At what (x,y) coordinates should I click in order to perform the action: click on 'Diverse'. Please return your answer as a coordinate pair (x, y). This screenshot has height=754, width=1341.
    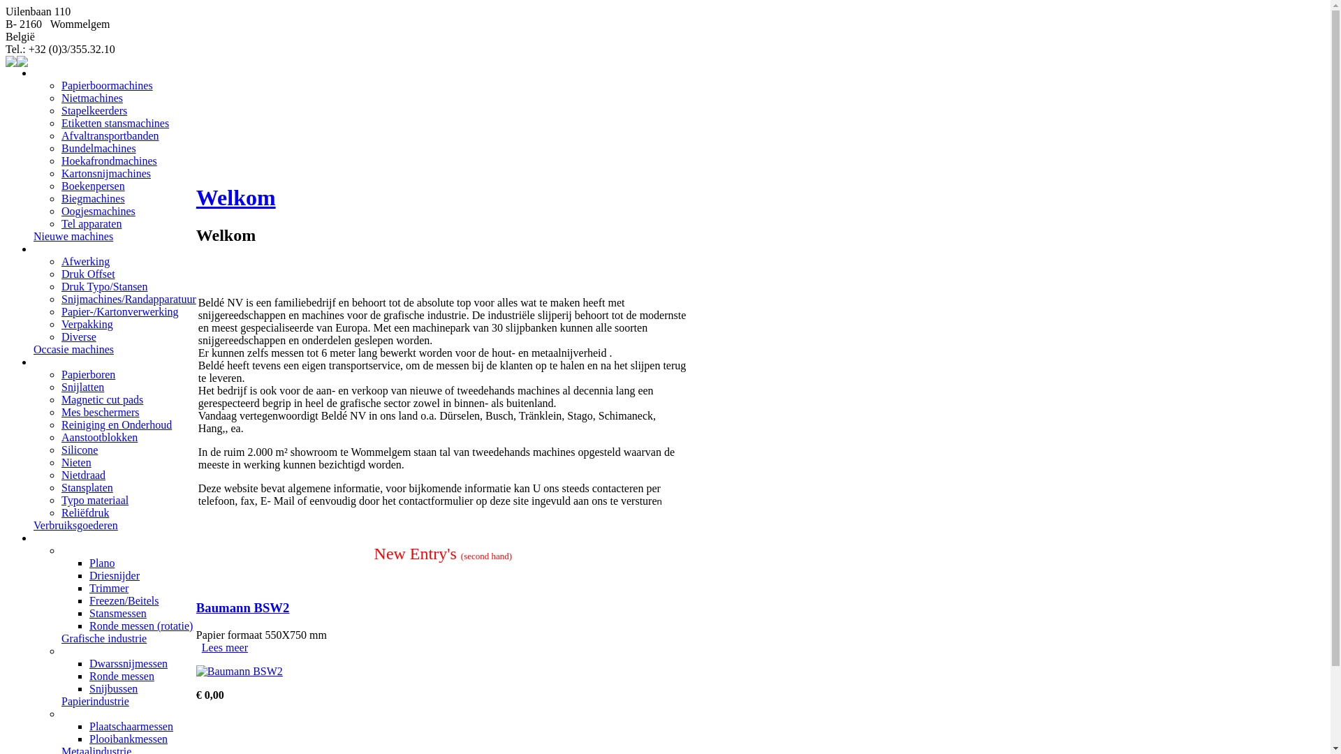
    Looking at the image, I should click on (78, 337).